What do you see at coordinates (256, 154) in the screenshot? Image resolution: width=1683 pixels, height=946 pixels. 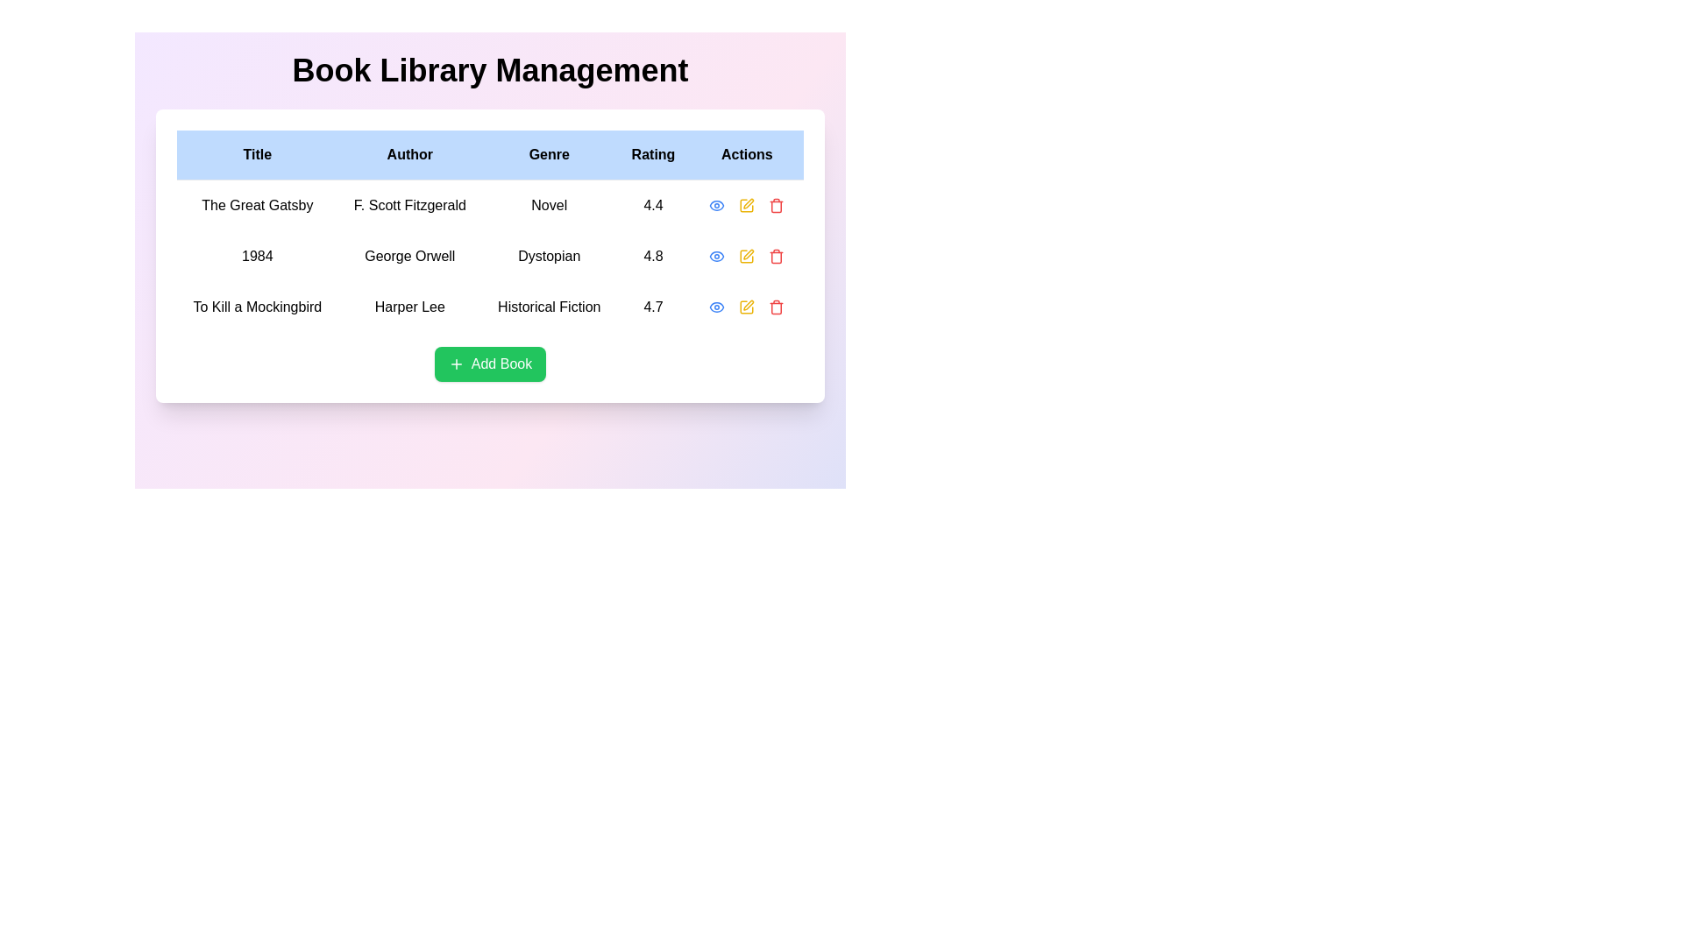 I see `the table header cell containing the text 'Title' which is styled with a bold font and light blue background` at bounding box center [256, 154].